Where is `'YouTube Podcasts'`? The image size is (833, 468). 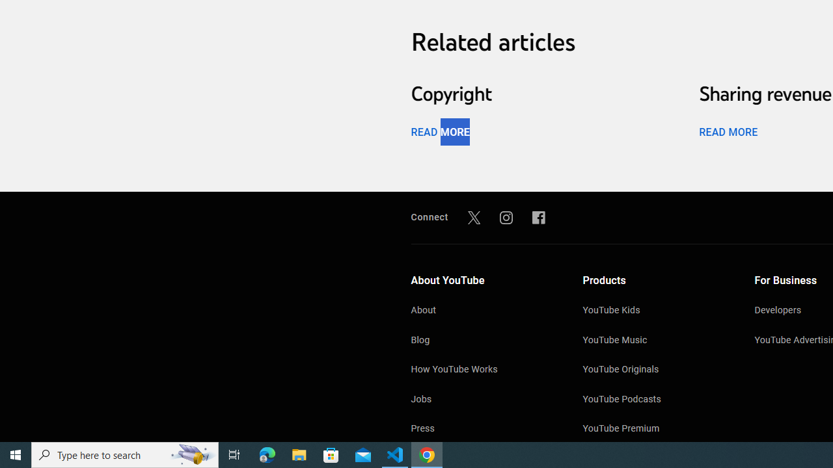
'YouTube Podcasts' is located at coordinates (655, 400).